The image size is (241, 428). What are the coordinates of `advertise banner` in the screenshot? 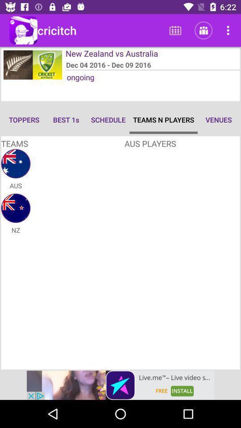 It's located at (120, 385).